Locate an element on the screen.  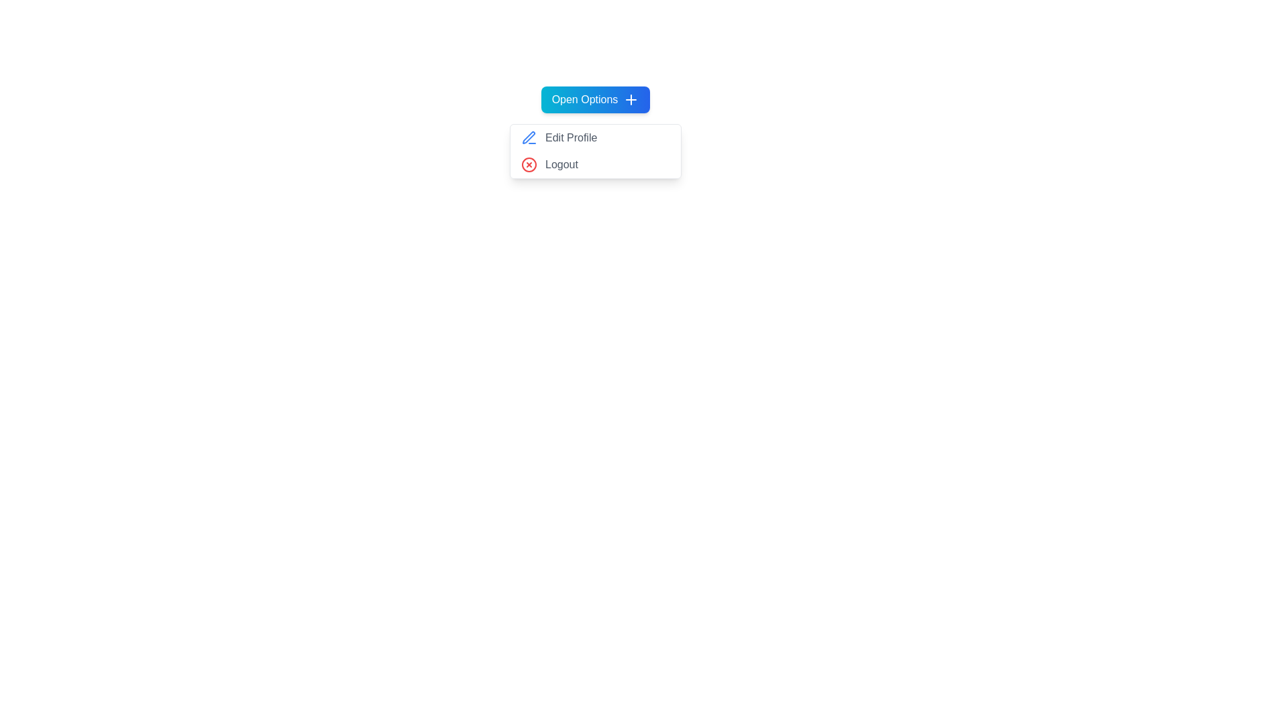
'Open Options' button to toggle the dropdown menu visibility is located at coordinates (595, 99).